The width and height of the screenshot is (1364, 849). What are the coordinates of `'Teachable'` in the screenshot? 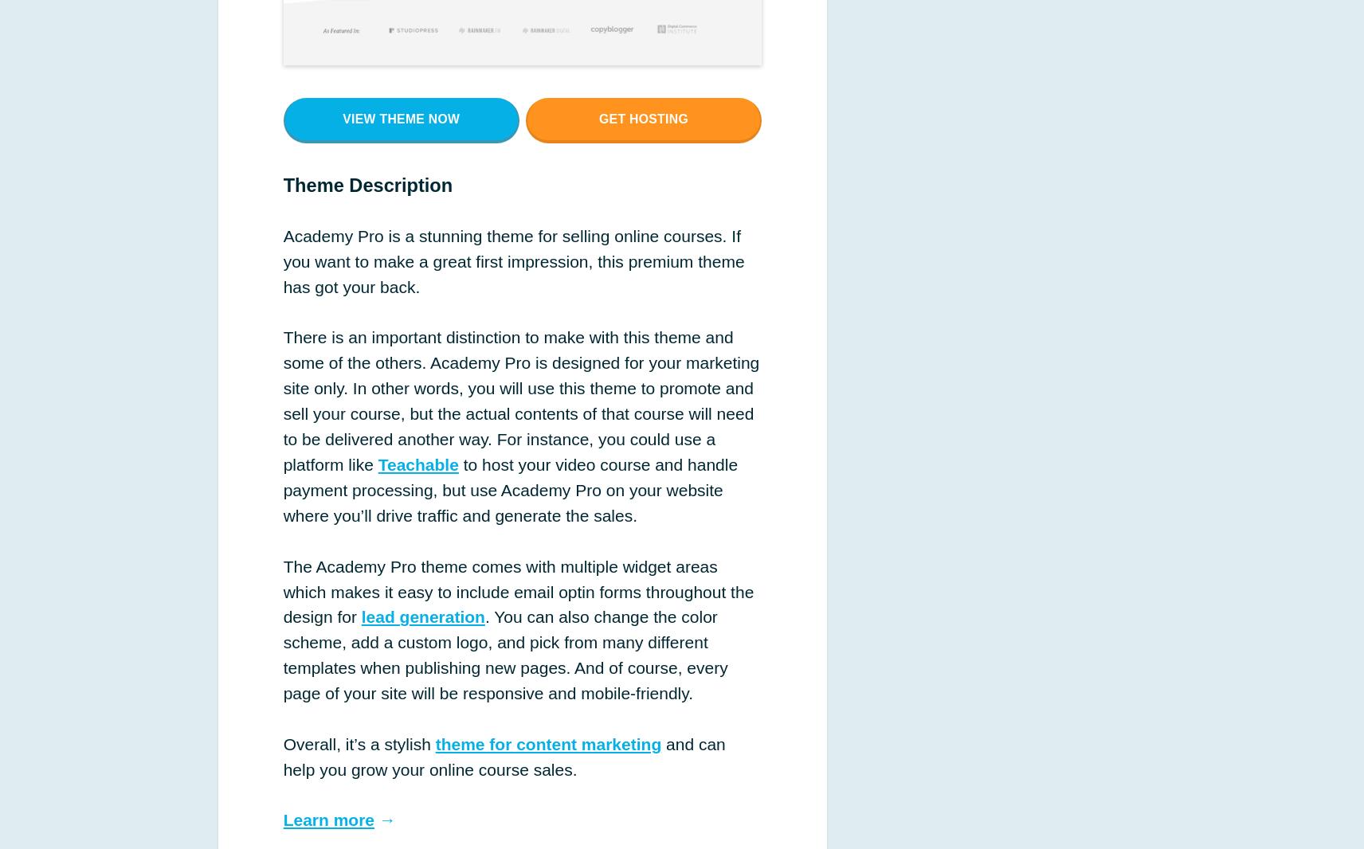 It's located at (417, 464).